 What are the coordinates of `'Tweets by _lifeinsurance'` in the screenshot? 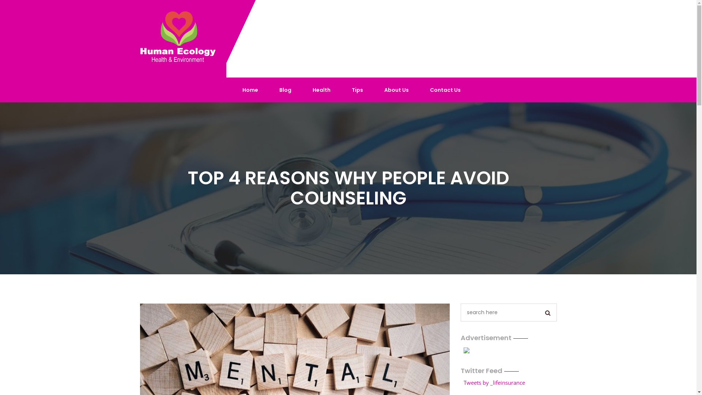 It's located at (494, 382).